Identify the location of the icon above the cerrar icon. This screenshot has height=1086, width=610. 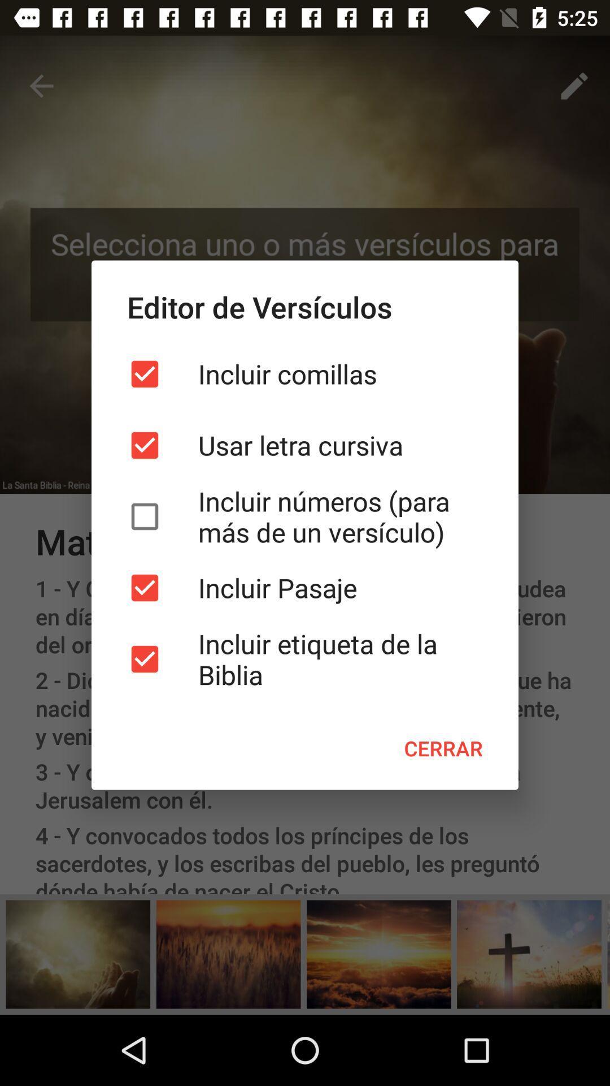
(305, 659).